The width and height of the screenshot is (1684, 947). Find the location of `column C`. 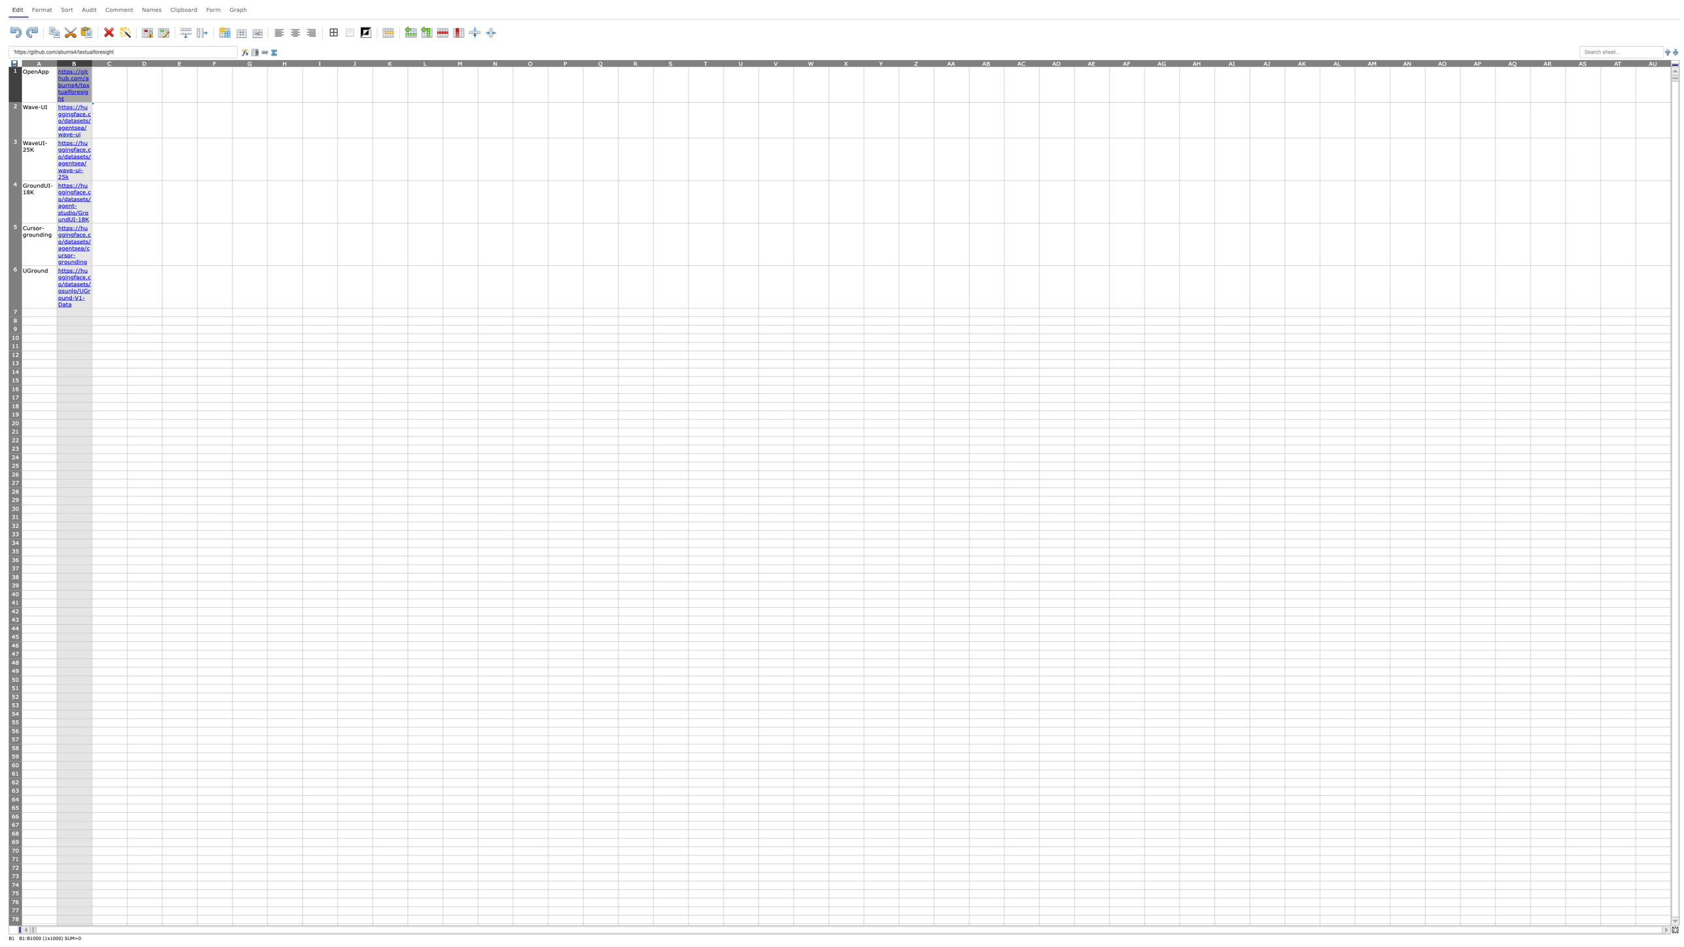

column C is located at coordinates (109, 62).